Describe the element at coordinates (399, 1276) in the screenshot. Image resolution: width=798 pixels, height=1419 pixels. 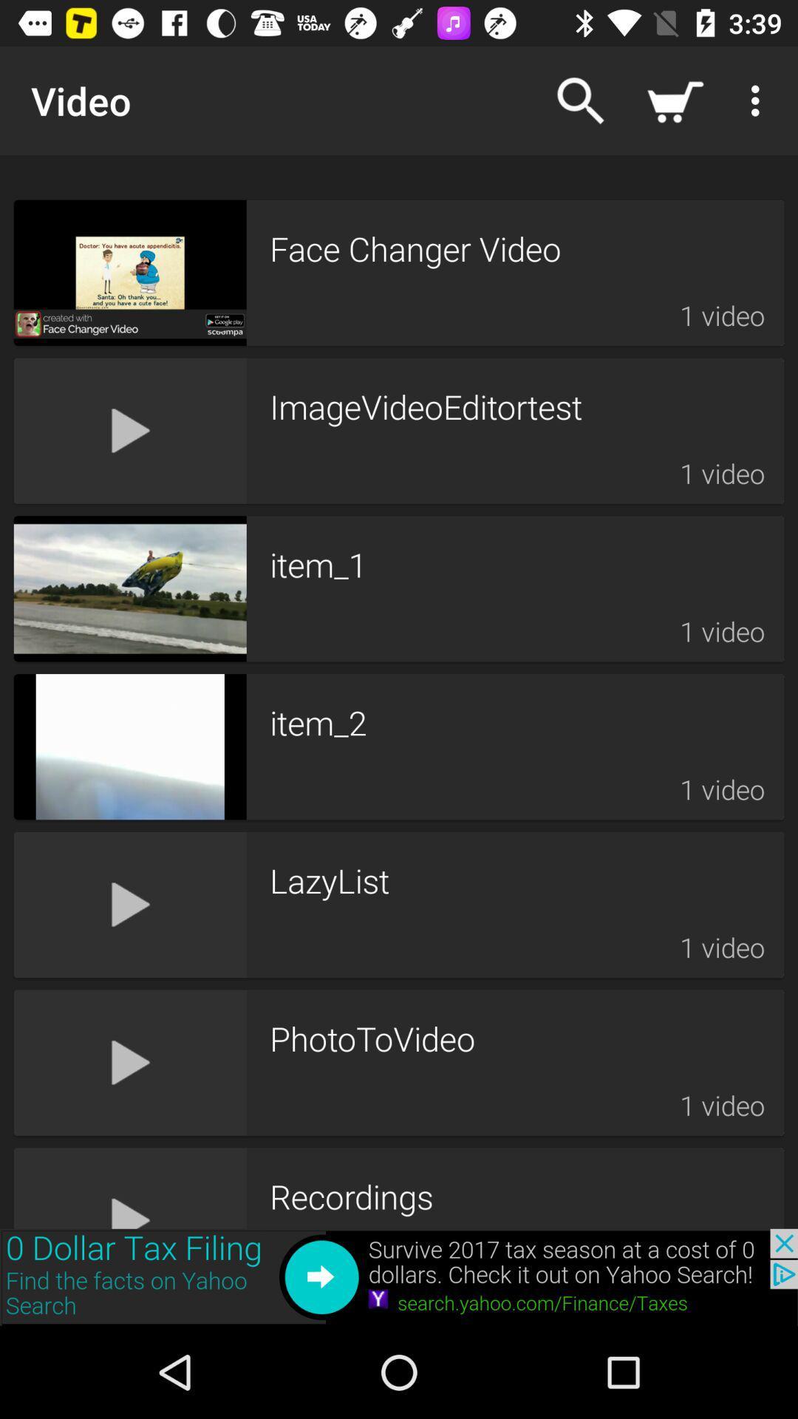
I see `right` at that location.